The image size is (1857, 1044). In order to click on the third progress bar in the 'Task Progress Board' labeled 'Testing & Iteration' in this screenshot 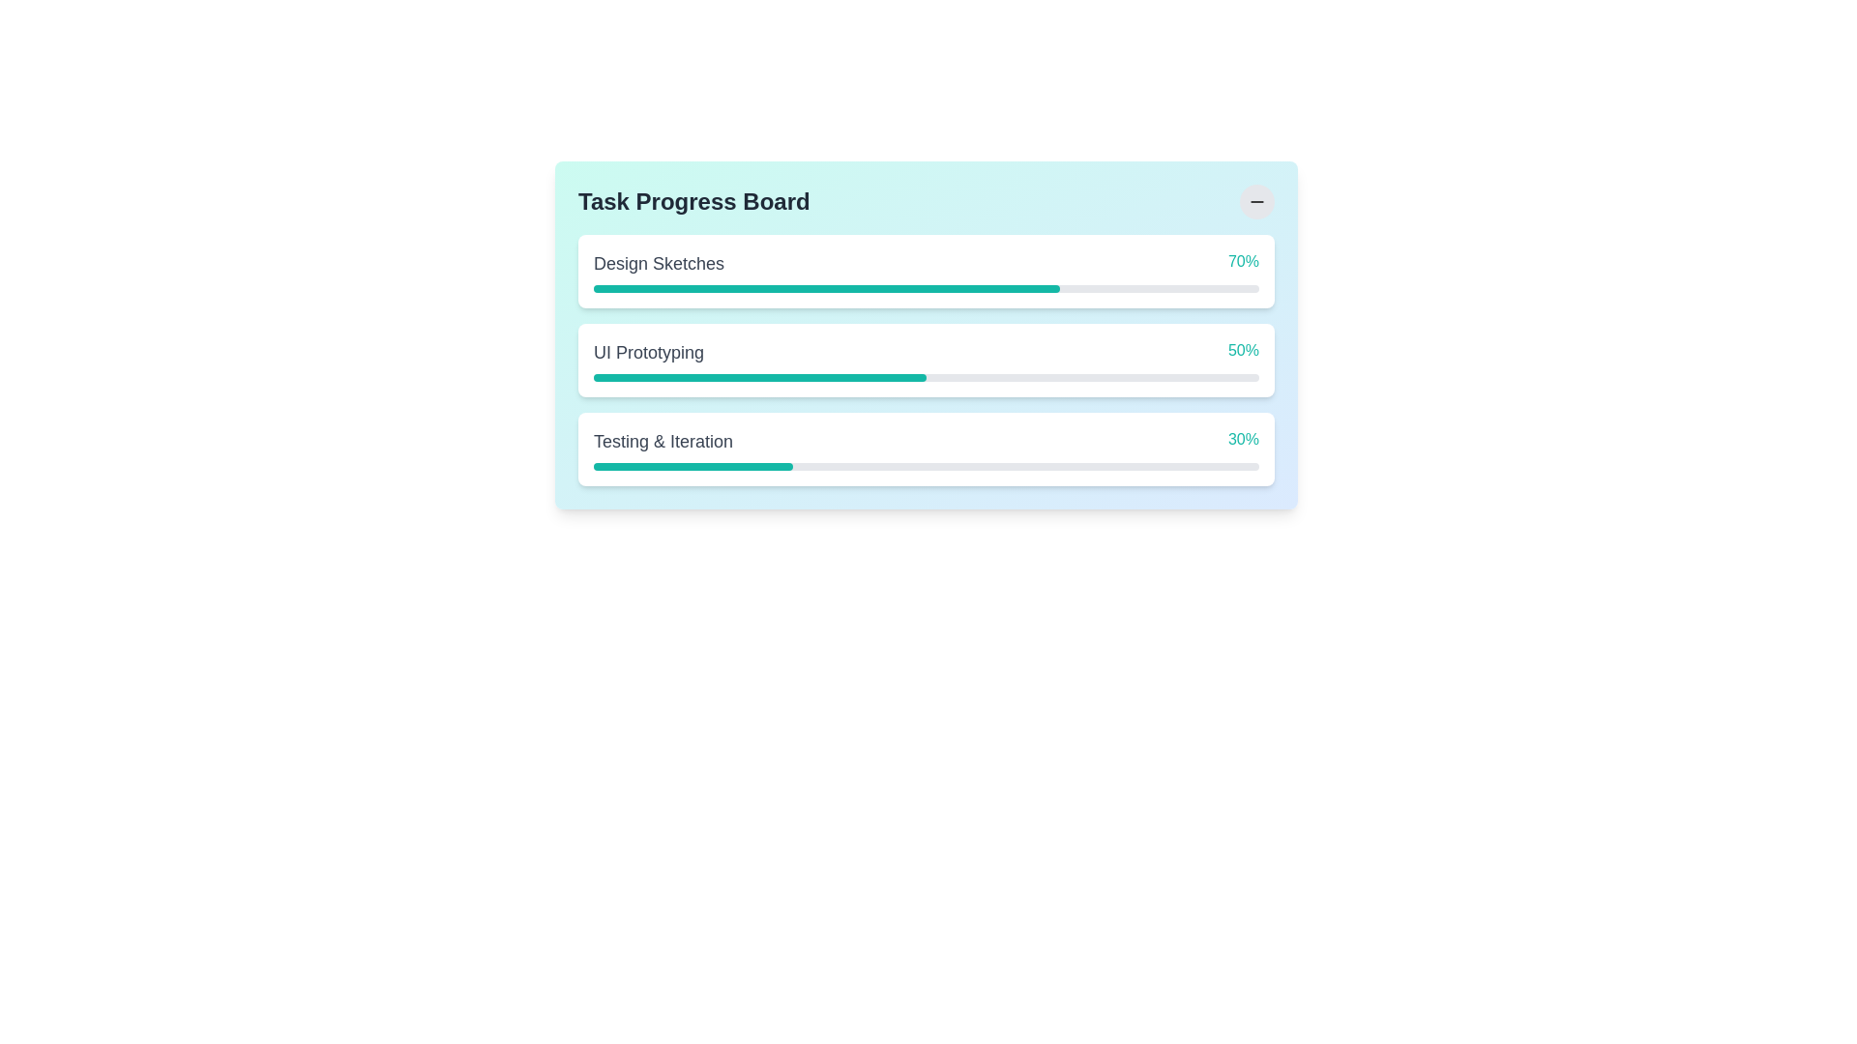, I will do `click(926, 449)`.